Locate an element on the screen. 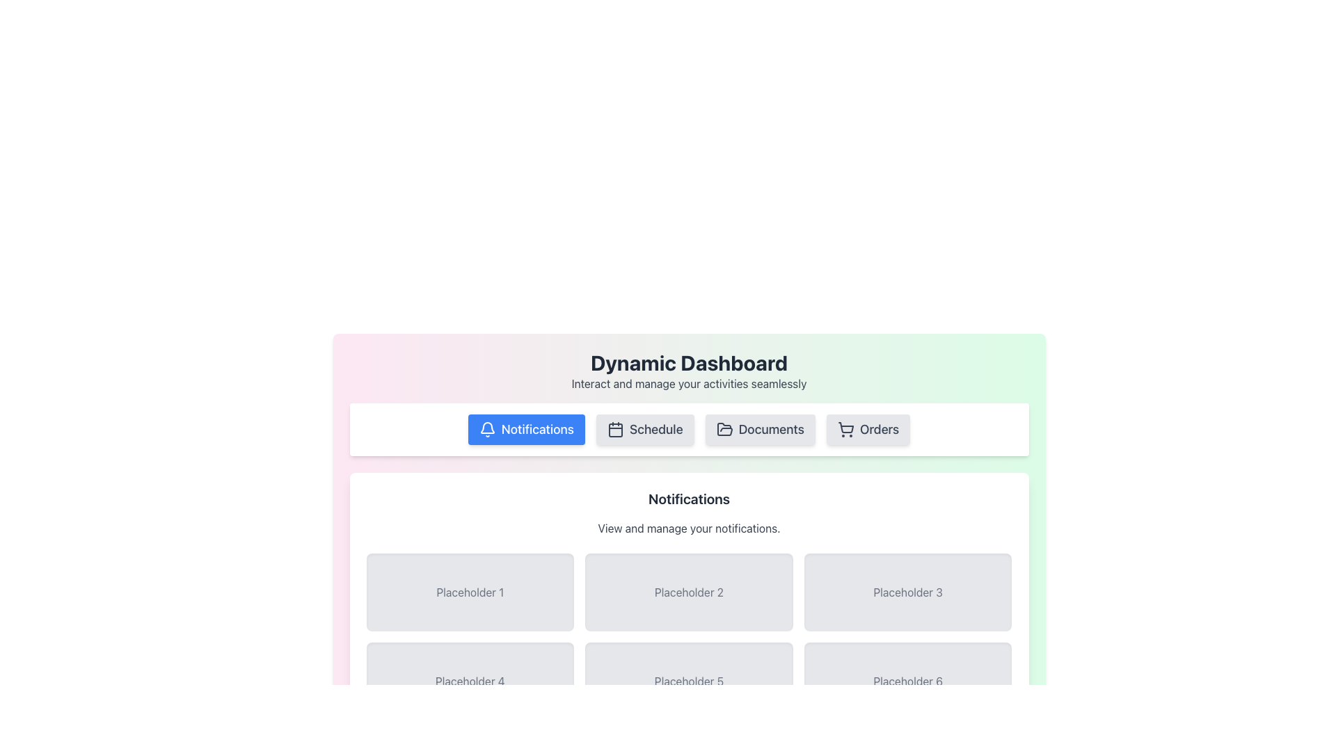 The image size is (1336, 751). the text label indicating its placeholder status located in the bottom-right cell of a 2x3 grid of placeholders is located at coordinates (908, 680).